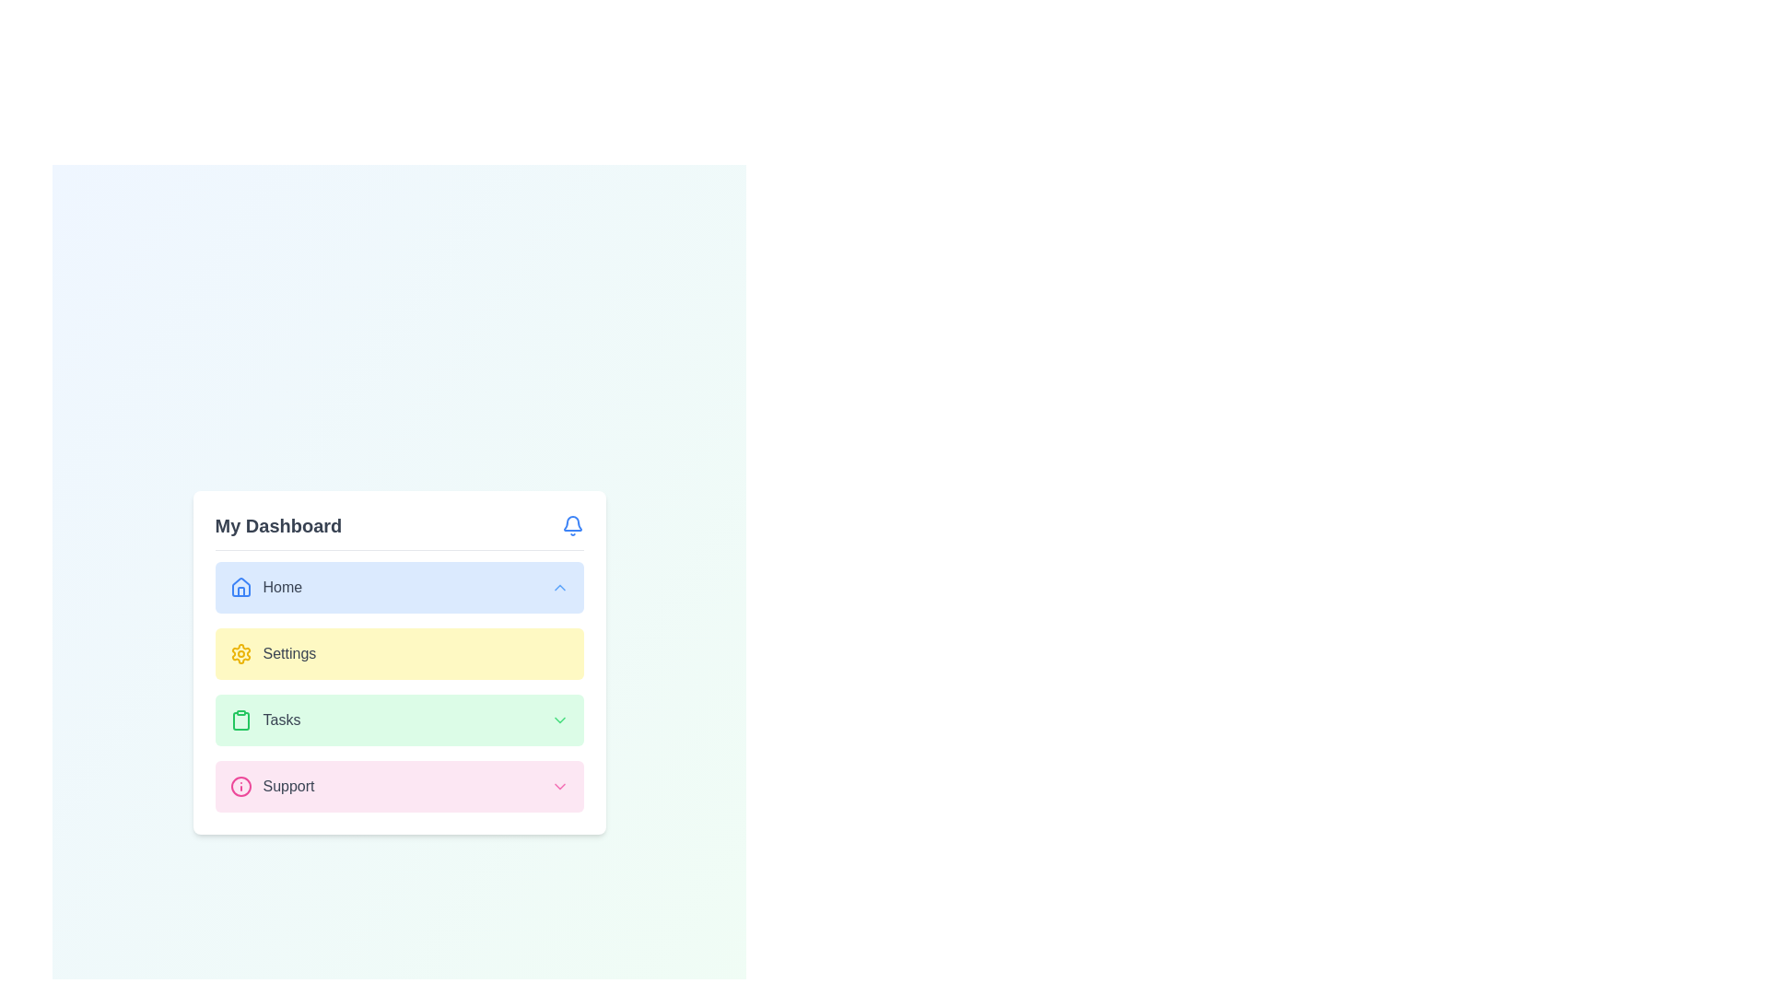 The height and width of the screenshot is (995, 1769). I want to click on the Text label element that is part of a larger interactive list item in the 'My Dashboard' card, which serves as a descriptor for support functionalities, located beneath the 'Tasks' item and next to an information icon, so click(287, 786).